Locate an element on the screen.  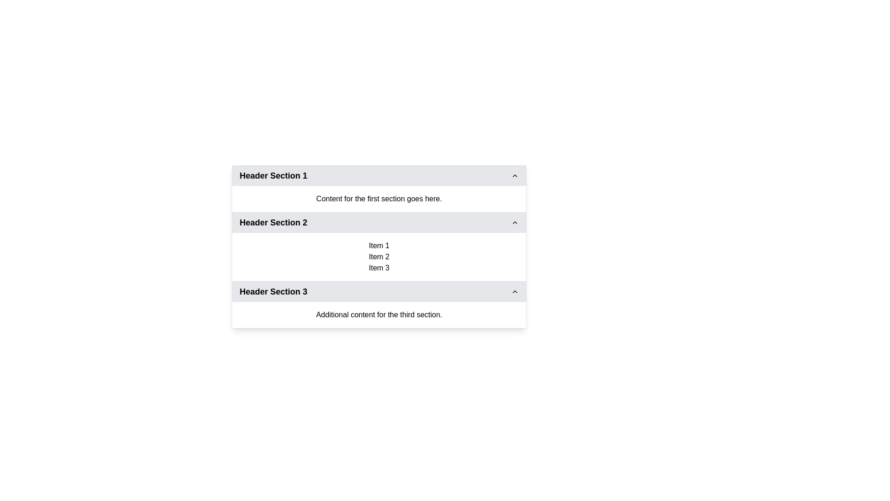
the Text Label that serves as the header for the third section of the collapsible content interface, located at the top of this section and aligned to the left side is located at coordinates (273, 291).